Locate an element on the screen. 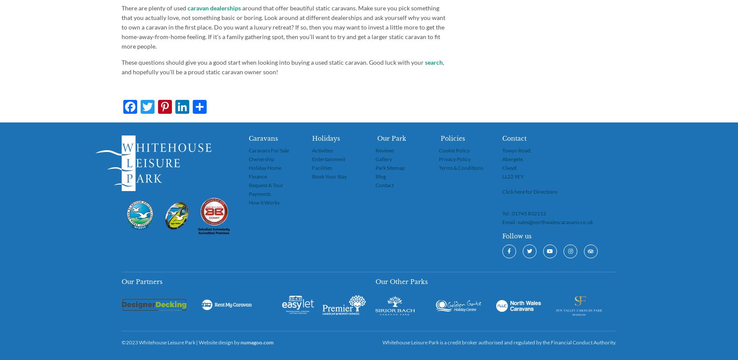  'caravan dealerships' is located at coordinates (187, 8).